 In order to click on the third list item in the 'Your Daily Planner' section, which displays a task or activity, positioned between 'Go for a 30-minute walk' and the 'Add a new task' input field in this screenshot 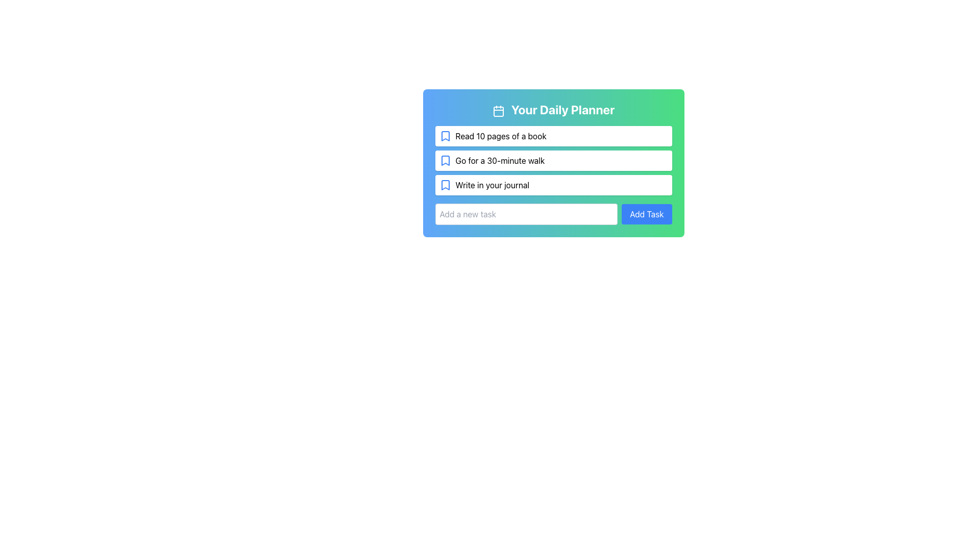, I will do `click(553, 185)`.